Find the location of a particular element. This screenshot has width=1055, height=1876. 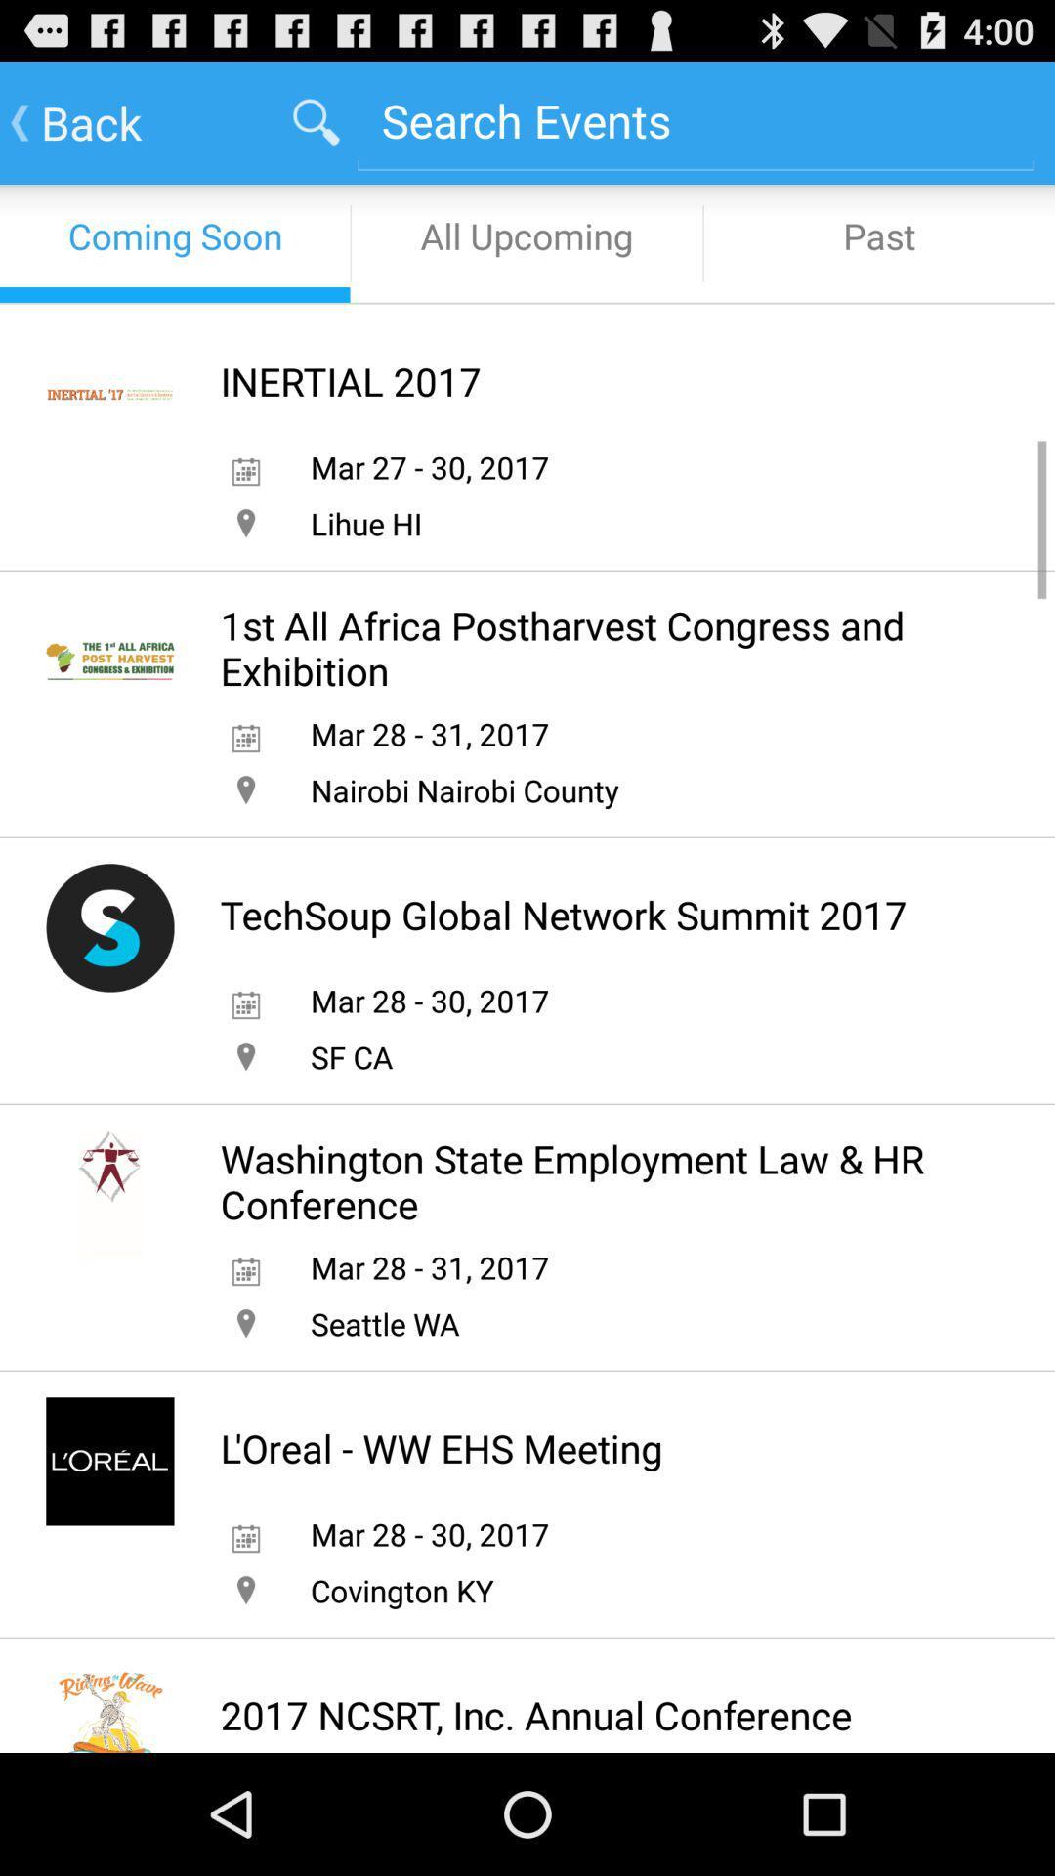

the lihue hi item is located at coordinates (365, 523).